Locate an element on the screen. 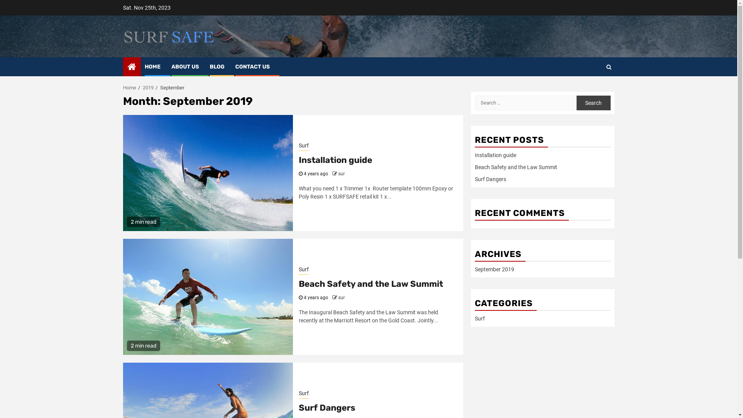  'Search' is located at coordinates (576, 102).